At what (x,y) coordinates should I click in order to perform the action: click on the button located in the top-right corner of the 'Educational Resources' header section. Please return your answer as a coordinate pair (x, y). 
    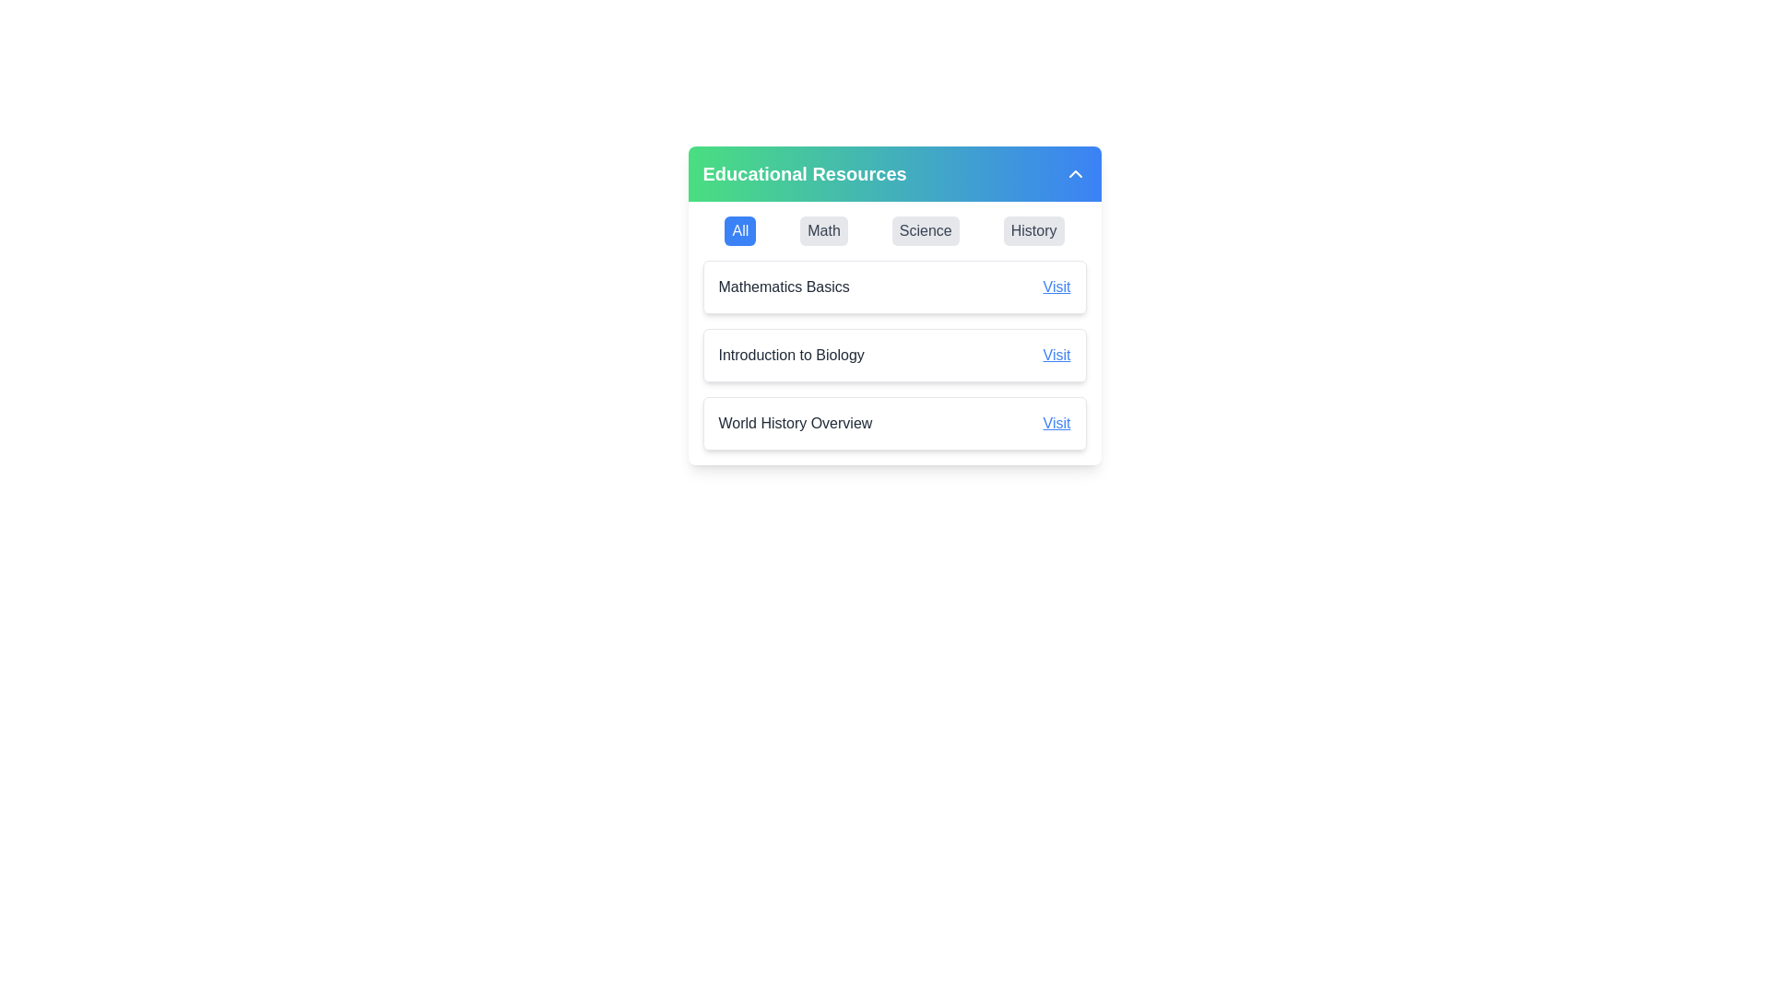
    Looking at the image, I should click on (1075, 174).